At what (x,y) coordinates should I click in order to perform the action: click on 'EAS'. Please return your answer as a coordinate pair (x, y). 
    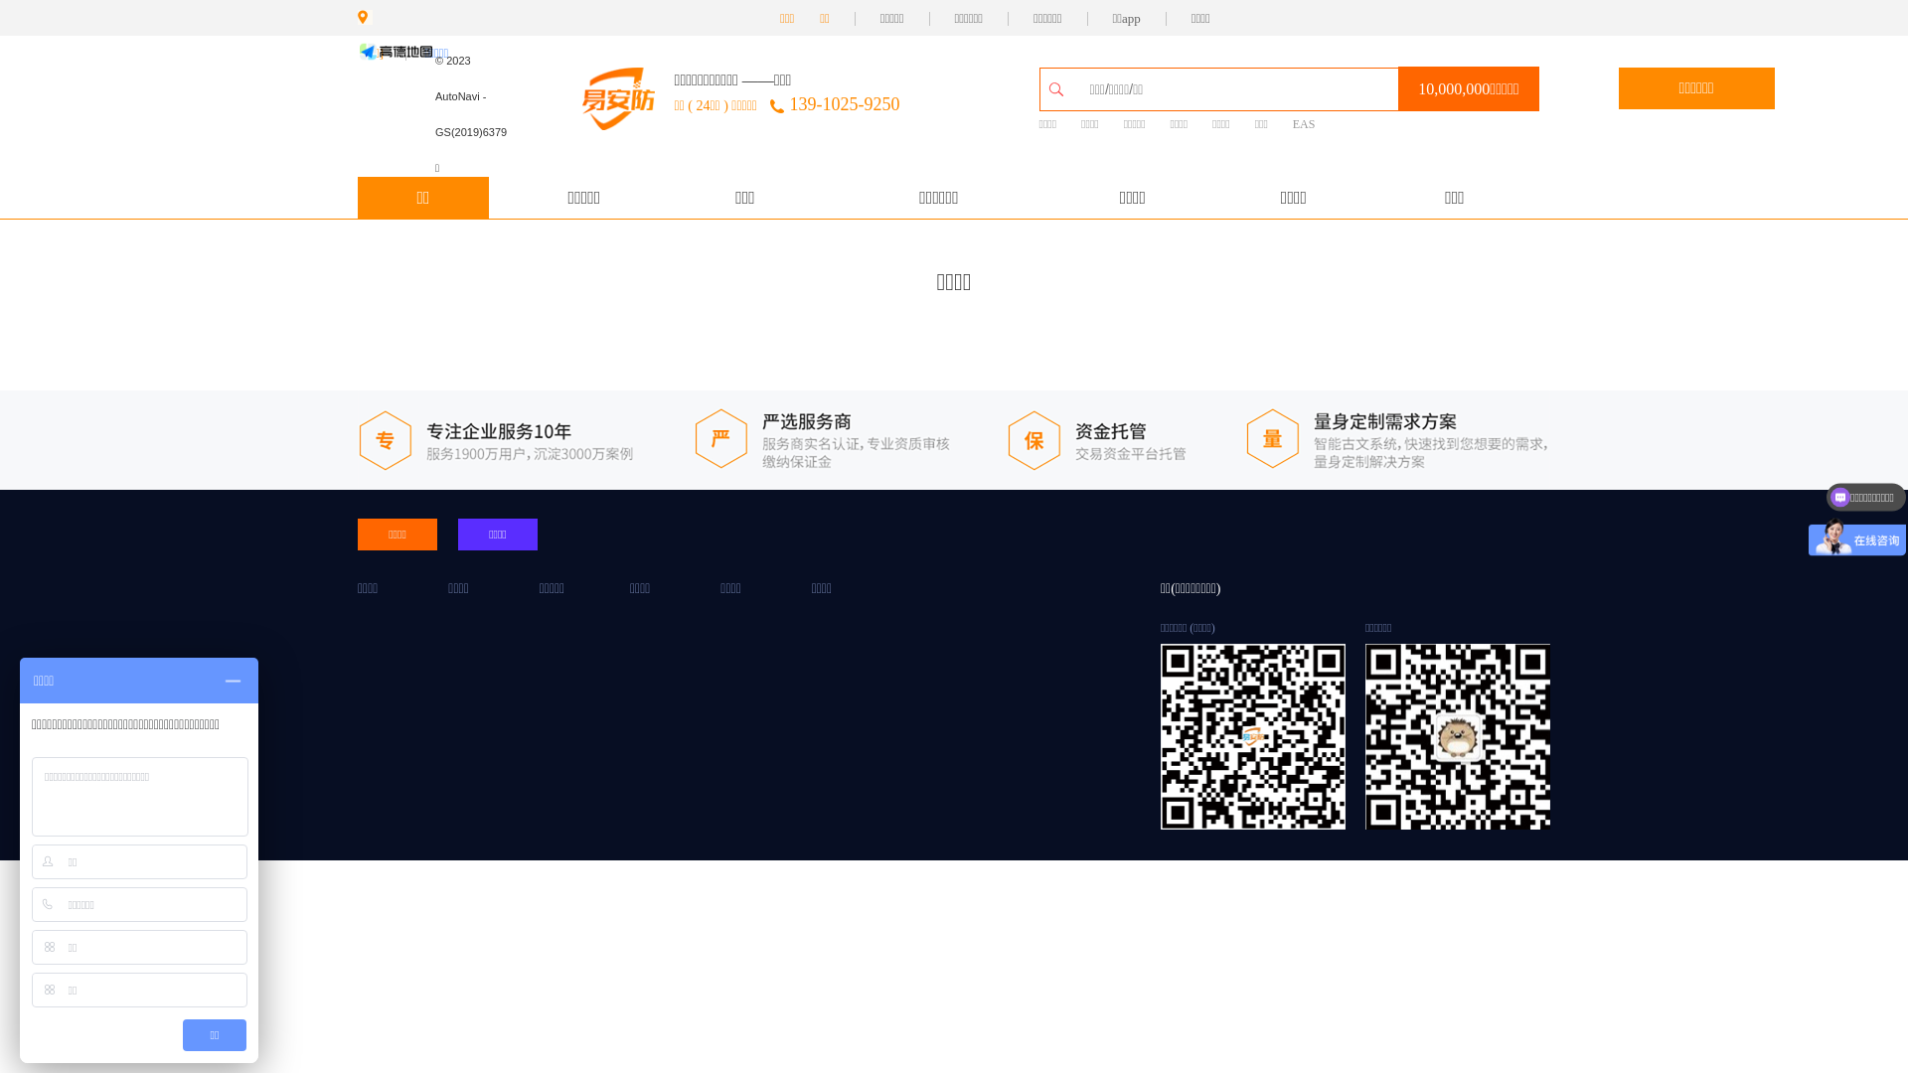
    Looking at the image, I should click on (1304, 124).